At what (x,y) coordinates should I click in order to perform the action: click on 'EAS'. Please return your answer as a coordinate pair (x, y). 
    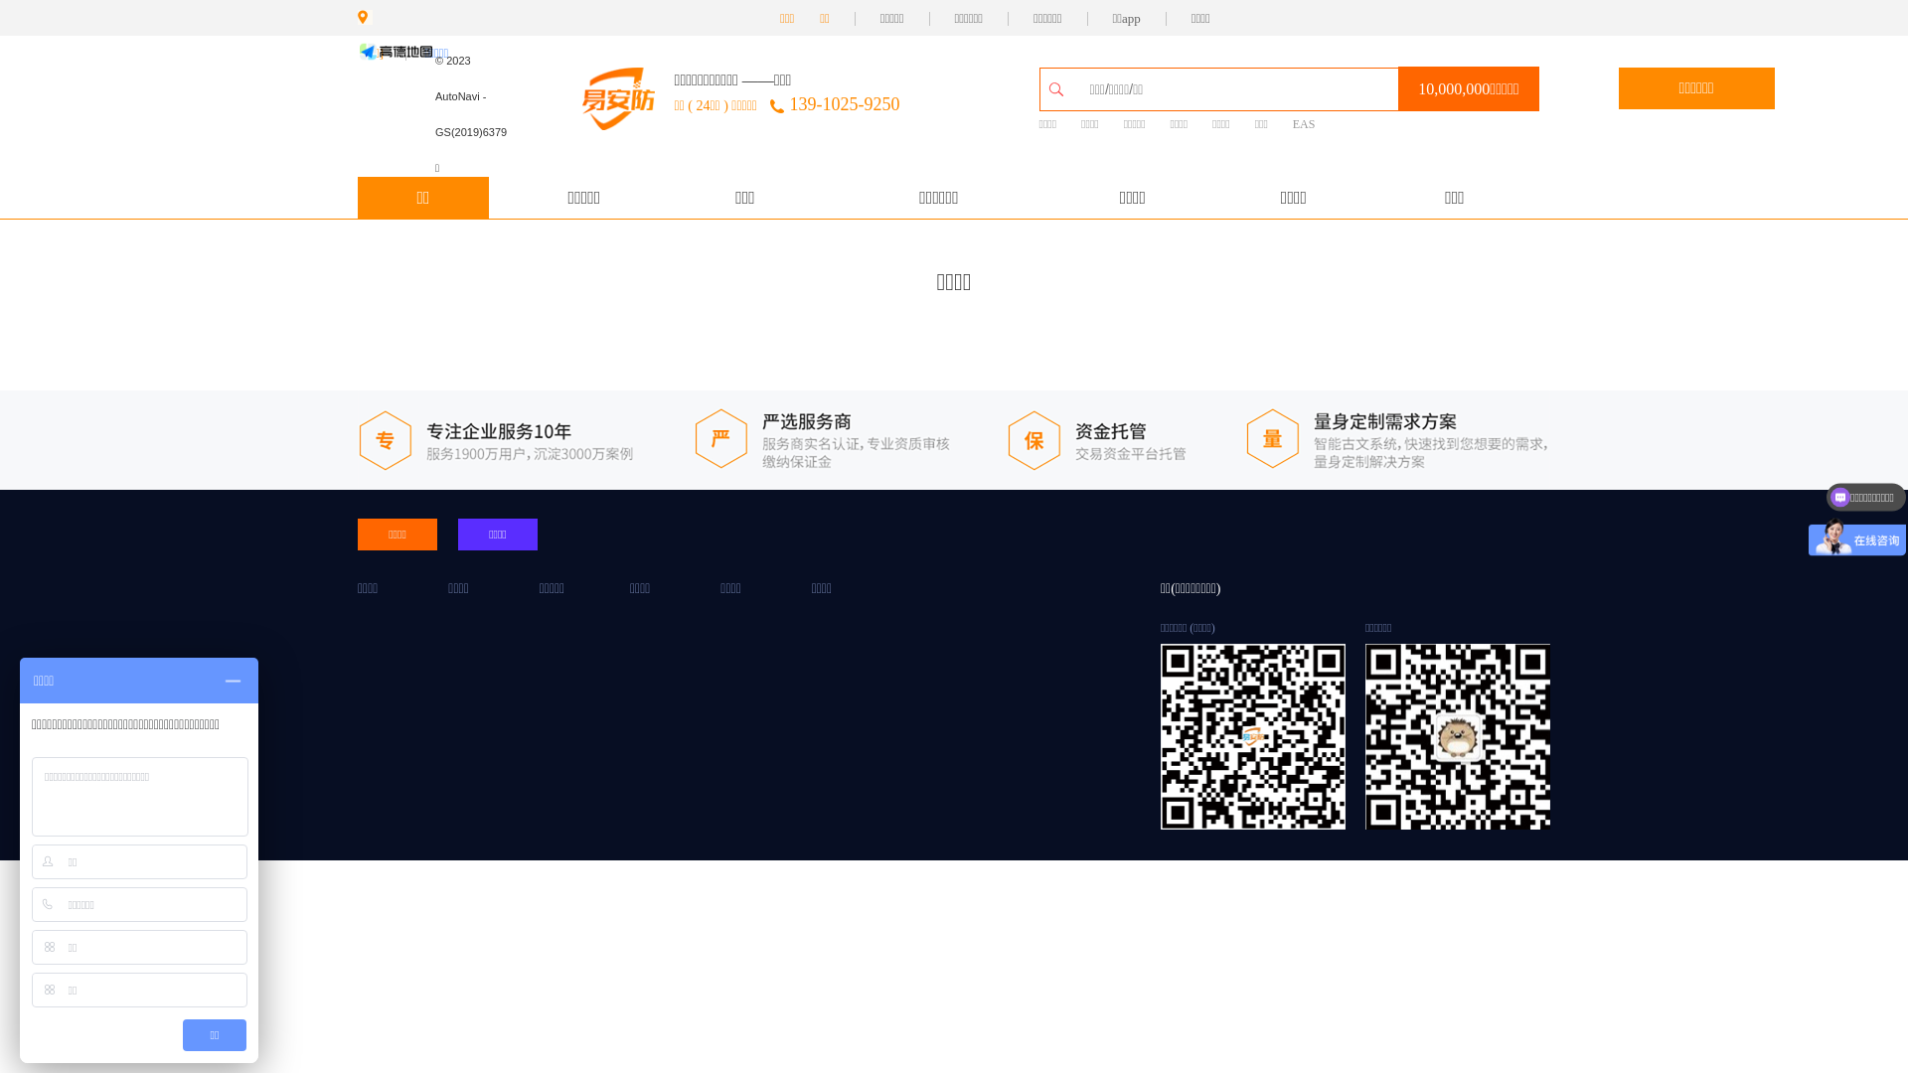
    Looking at the image, I should click on (1304, 124).